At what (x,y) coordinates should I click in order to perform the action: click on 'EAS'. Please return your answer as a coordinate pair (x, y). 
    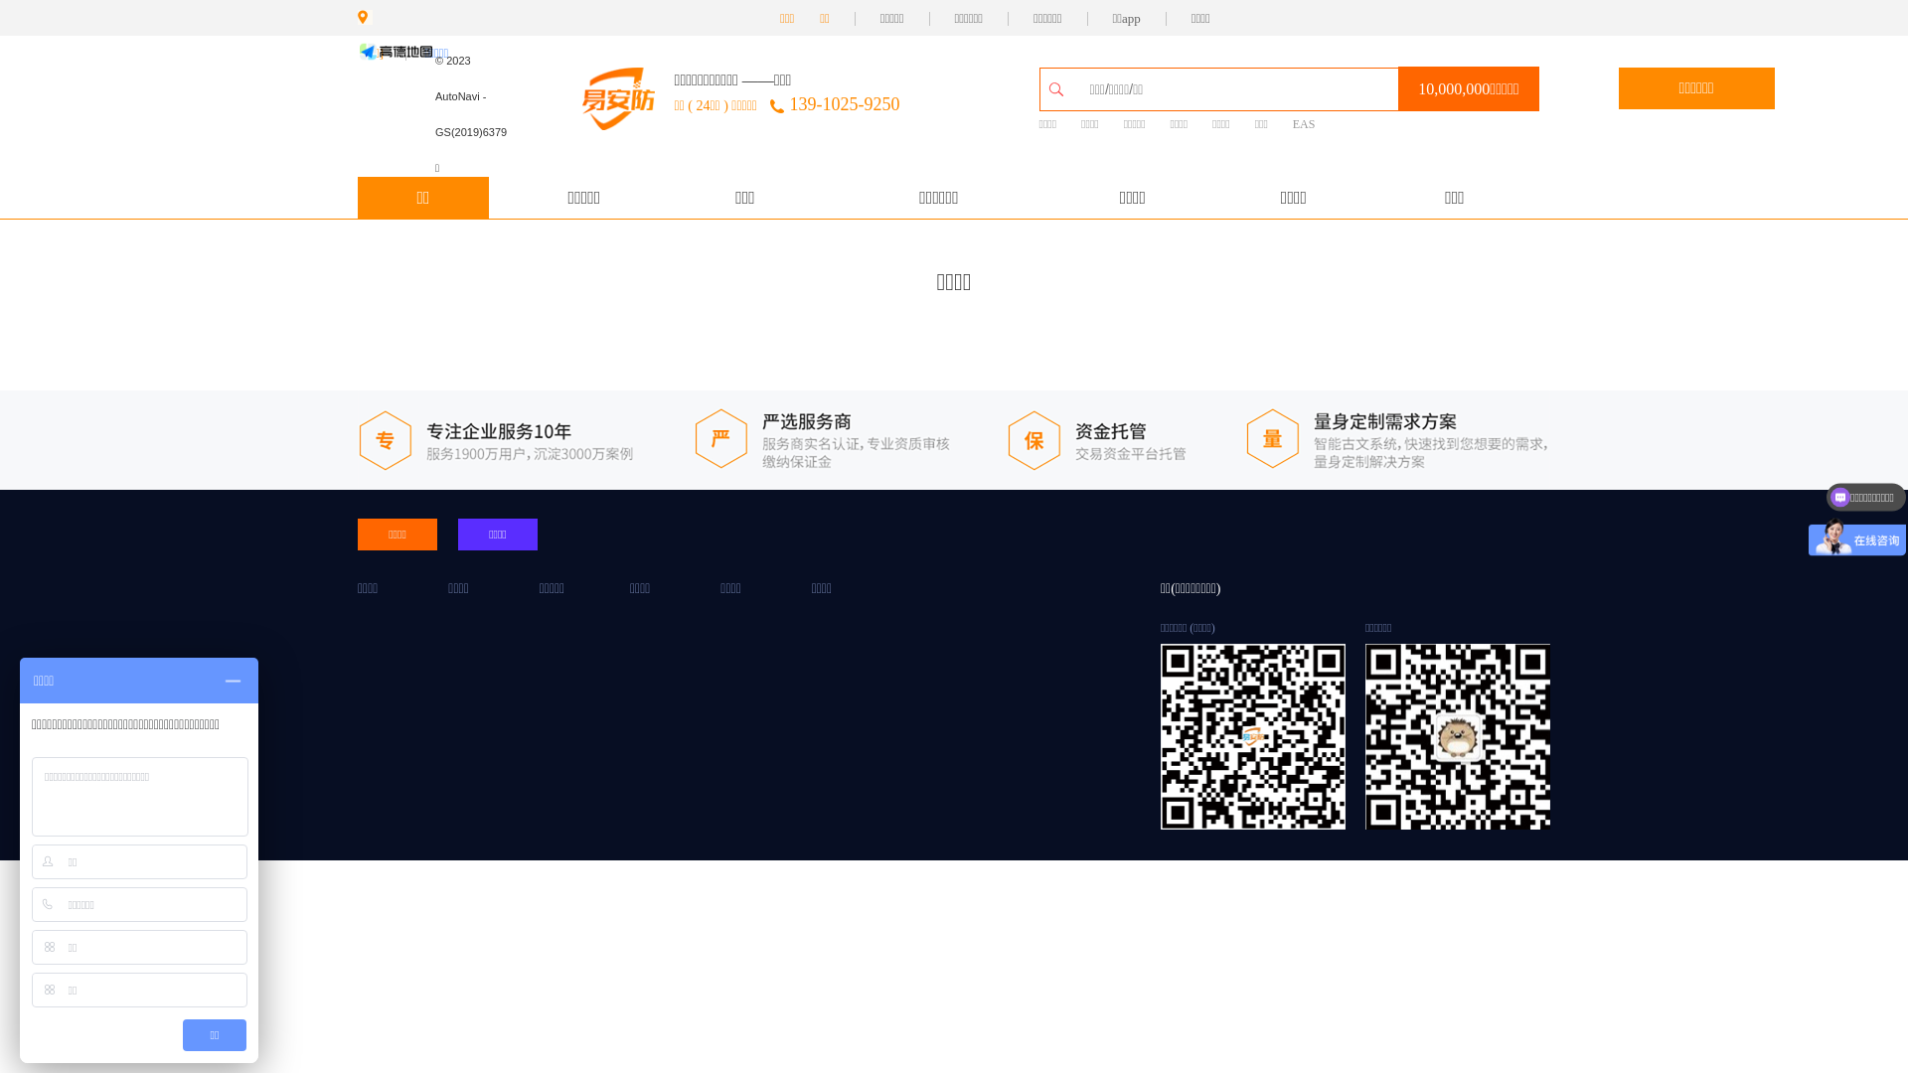
    Looking at the image, I should click on (1304, 124).